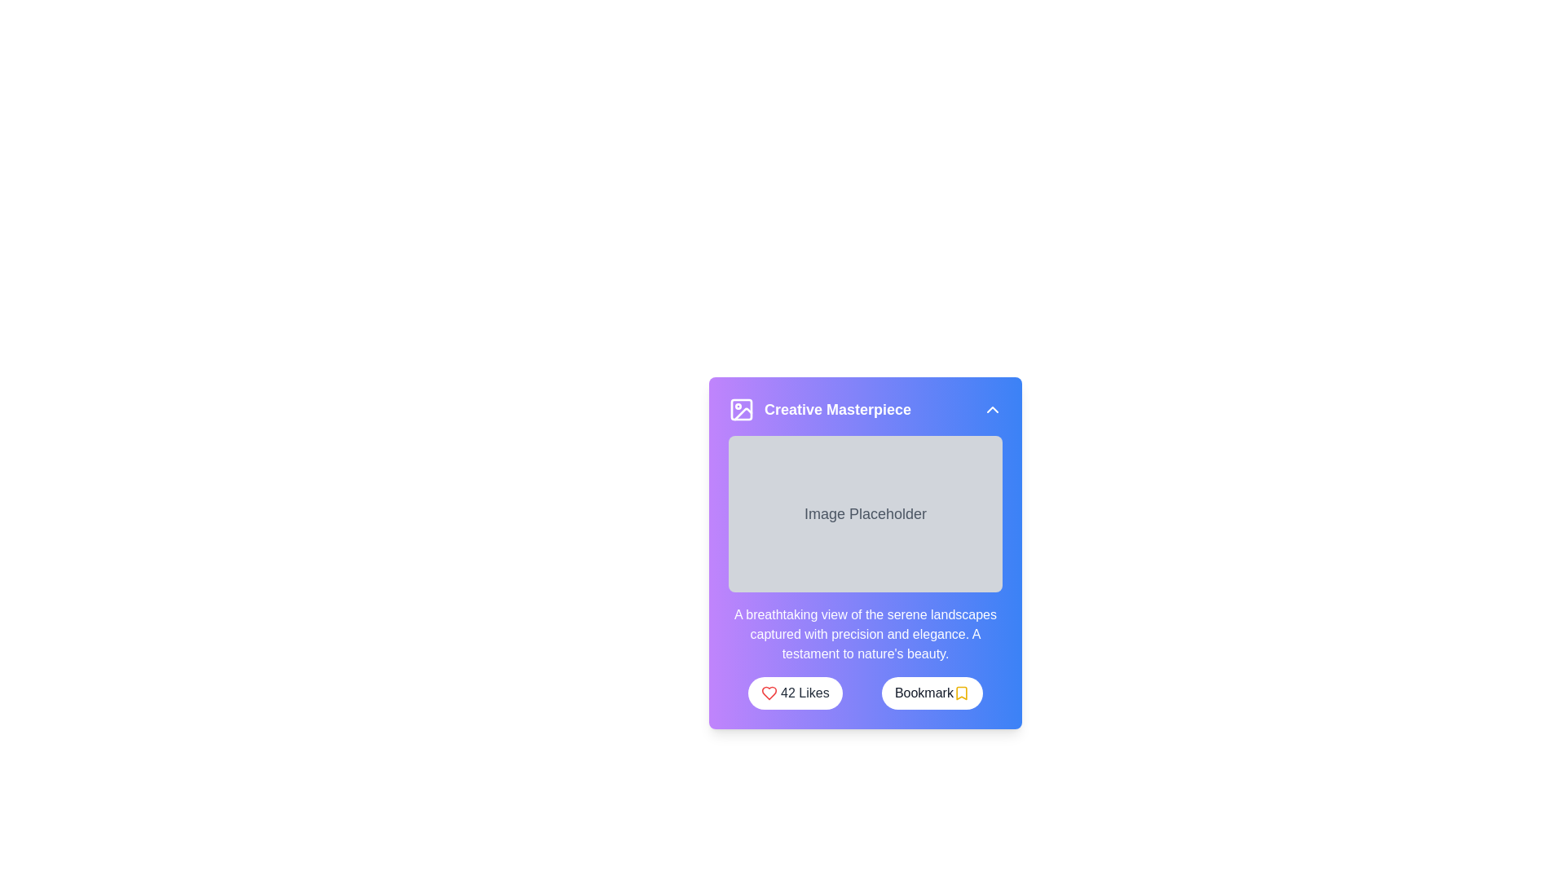 The width and height of the screenshot is (1565, 880). I want to click on the SVG Icon representing a picture frame with a round sun in the upper left, located to the left of the 'Creative Masterpiece' section, so click(741, 408).